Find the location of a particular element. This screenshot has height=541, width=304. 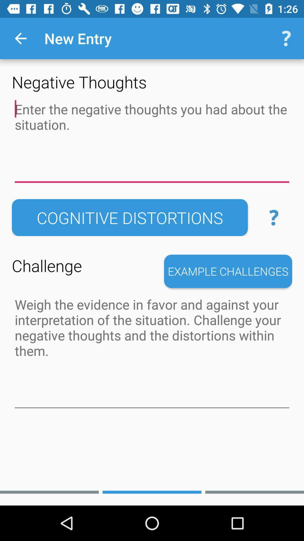

the icon next to the new entry icon is located at coordinates (286, 38).